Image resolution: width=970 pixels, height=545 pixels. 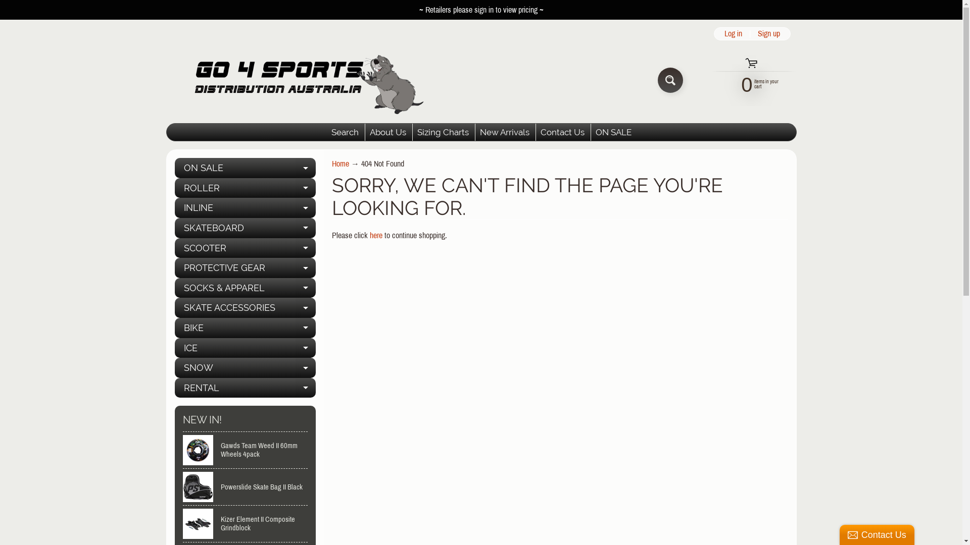 What do you see at coordinates (305, 307) in the screenshot?
I see `'EXPAND CHILD MENU'` at bounding box center [305, 307].